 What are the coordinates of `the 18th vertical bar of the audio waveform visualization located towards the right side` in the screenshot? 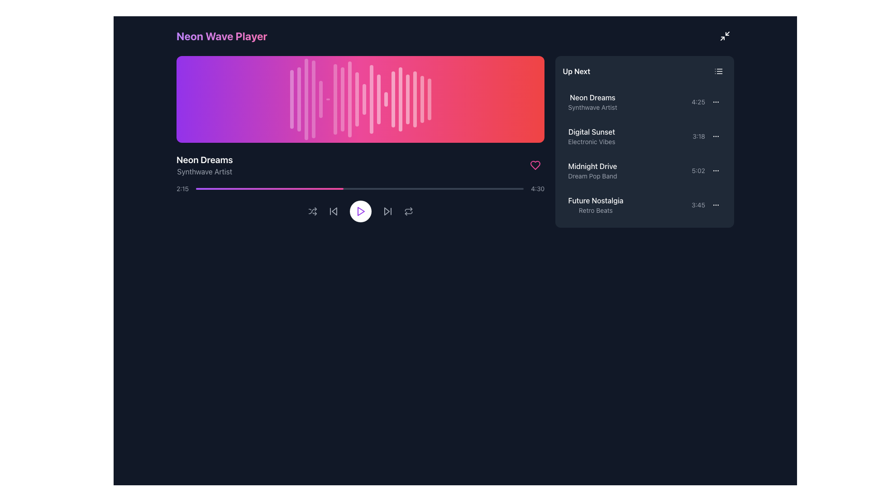 It's located at (414, 99).